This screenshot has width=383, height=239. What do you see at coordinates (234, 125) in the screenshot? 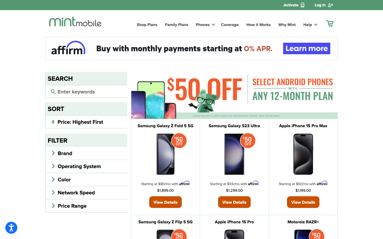
I see `Samsung Galaxy Phone Page` at bounding box center [234, 125].